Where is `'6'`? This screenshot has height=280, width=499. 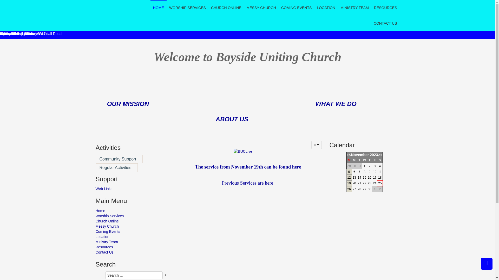
'6' is located at coordinates (354, 172).